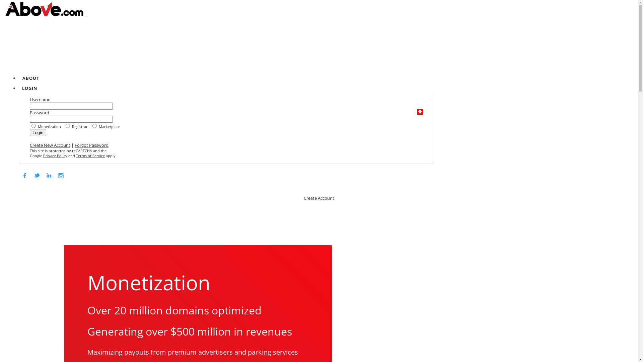 Image resolution: width=643 pixels, height=362 pixels. Describe the element at coordinates (90, 156) in the screenshot. I see `'Terms of Service'` at that location.